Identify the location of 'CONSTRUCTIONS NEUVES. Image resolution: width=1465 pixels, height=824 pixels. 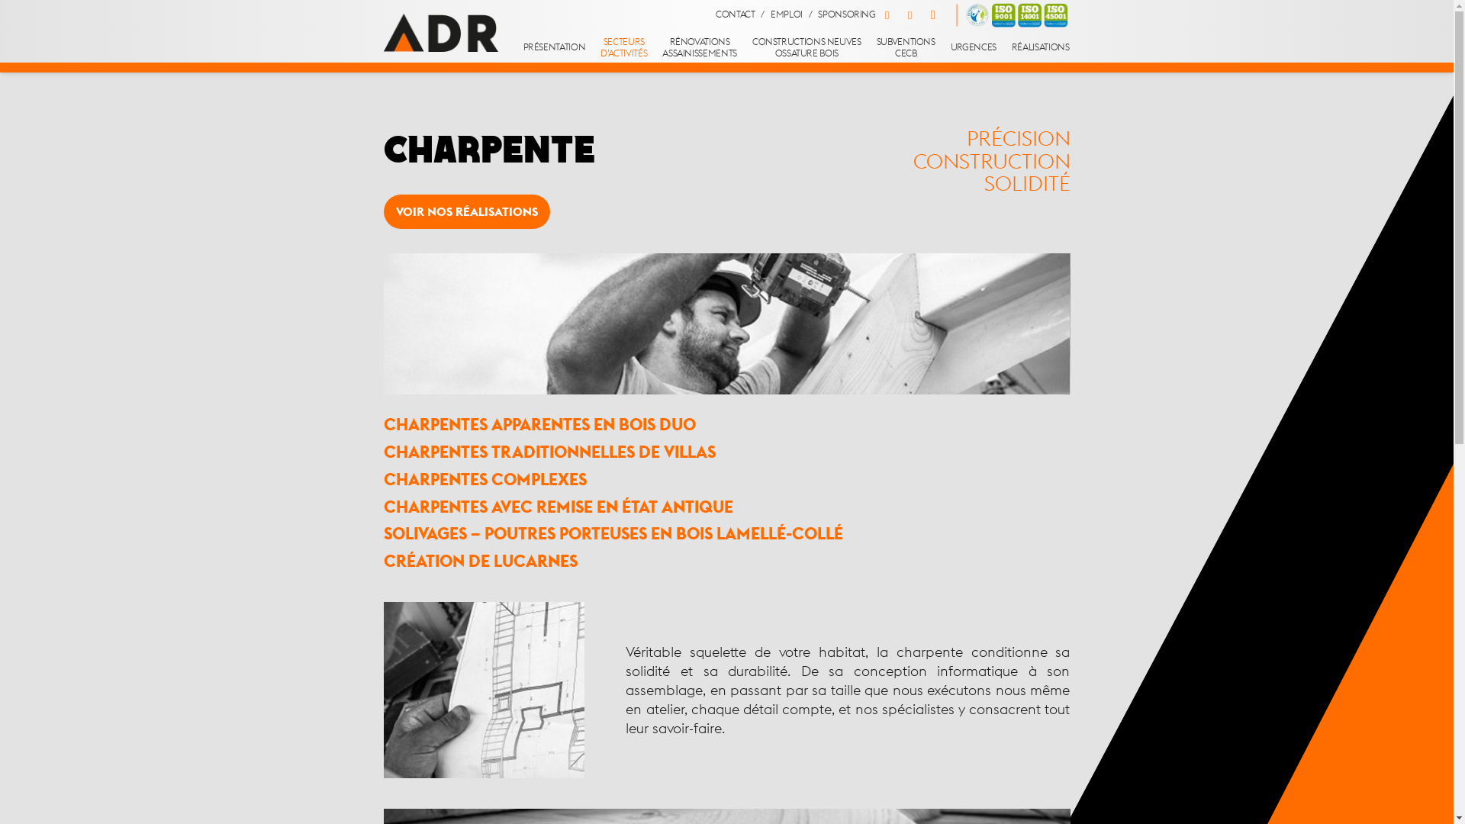
(744, 47).